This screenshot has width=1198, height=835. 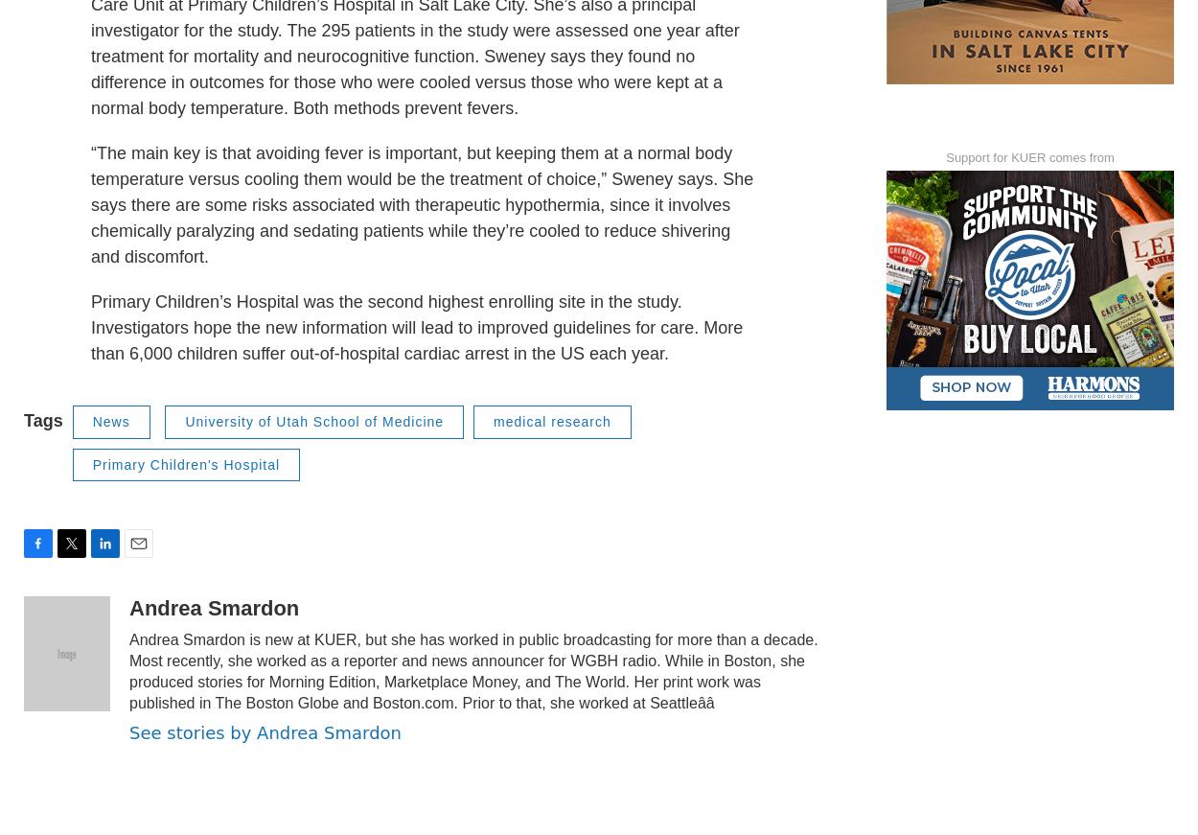 What do you see at coordinates (472, 712) in the screenshot?
I see `'Andrea Smardon is new at KUER, but she has worked in public broadcasting for more than a decade. Most recently, she worked as a reporter and news announcer for WGBH radio. While in Boston, she produced stories for Morning Edition, Marketplace Money, and The World. Her print work was published in The Boston Globe and Boston.com. Prior to that, she worked at Seattleââ'` at bounding box center [472, 712].